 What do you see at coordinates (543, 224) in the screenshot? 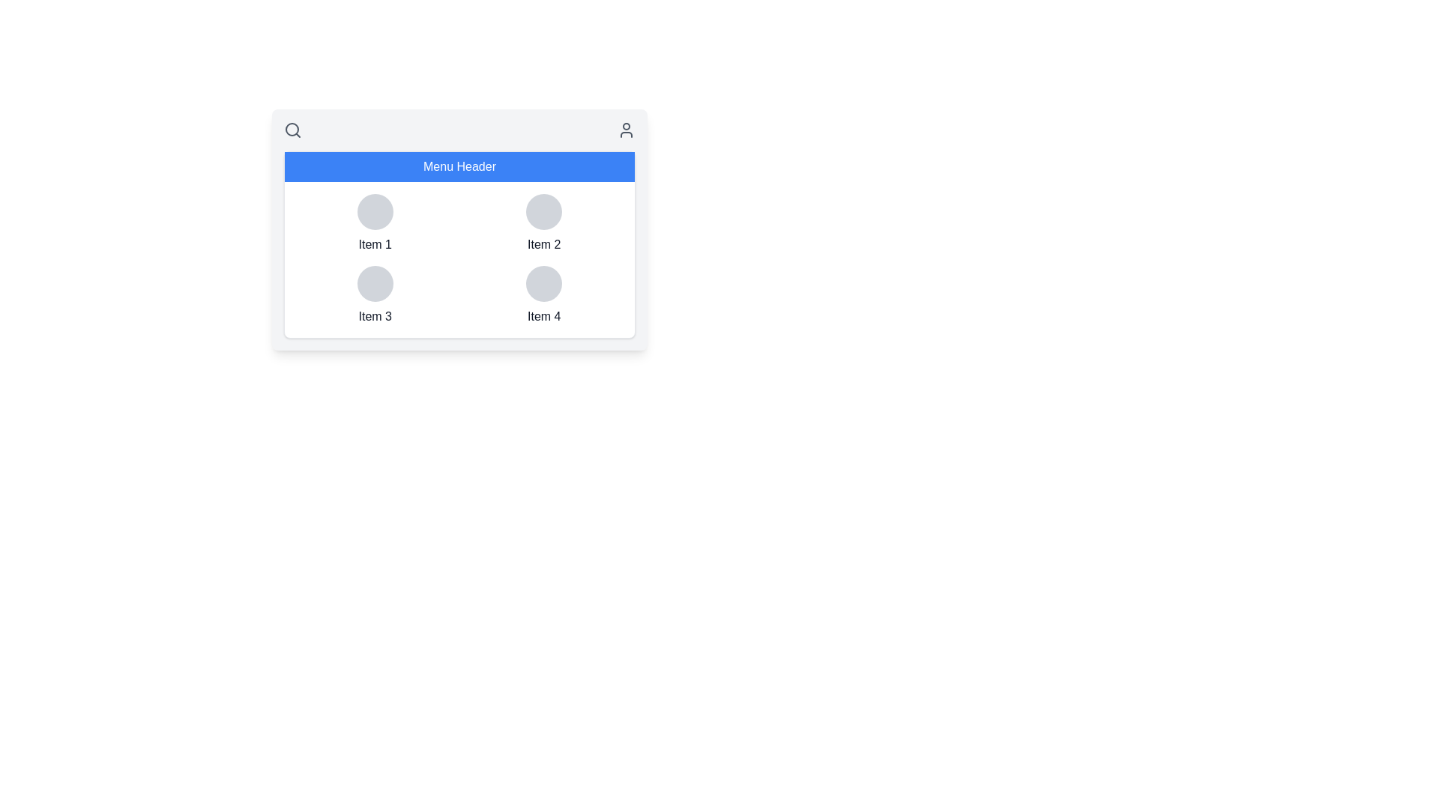
I see `the Informative item with an icon and label that has a large light grey circular icon at the top and text reading 'Item 2' below it, located in the top-right section of a 2x2 grid` at bounding box center [543, 224].